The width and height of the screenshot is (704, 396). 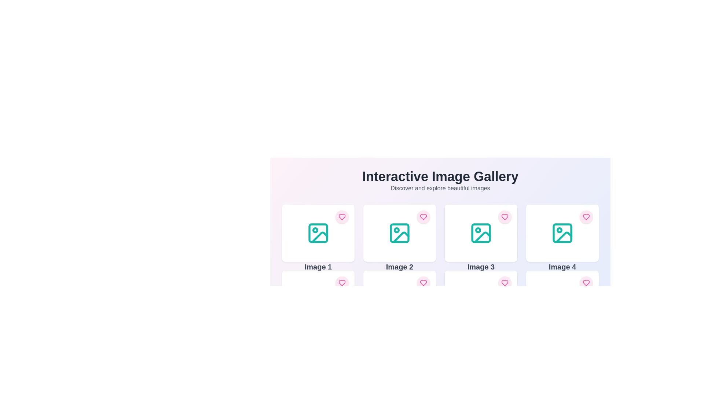 I want to click on the heart-shaped SVG icon, which is styled with a pink color fill and located in the top-right corner of the card labeled 'Image 3', to like the item, so click(x=505, y=216).